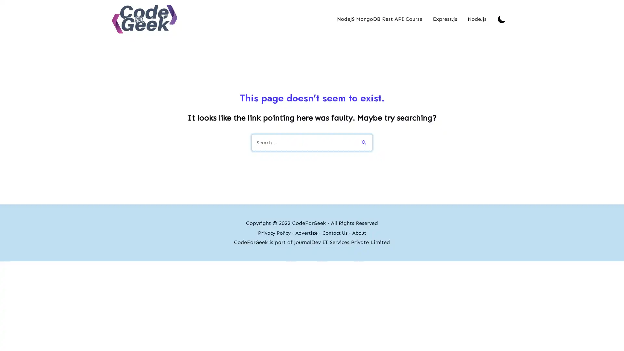  I want to click on Search, so click(365, 141).